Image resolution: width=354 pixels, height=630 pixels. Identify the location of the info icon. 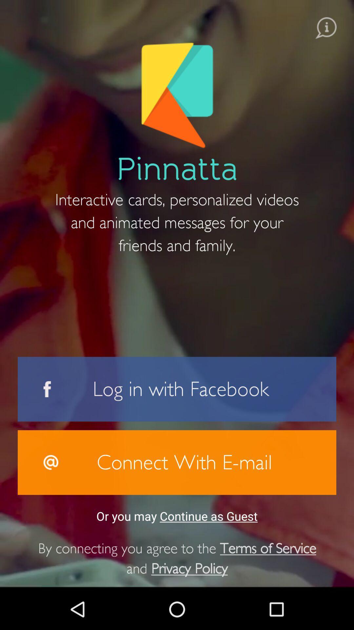
(326, 30).